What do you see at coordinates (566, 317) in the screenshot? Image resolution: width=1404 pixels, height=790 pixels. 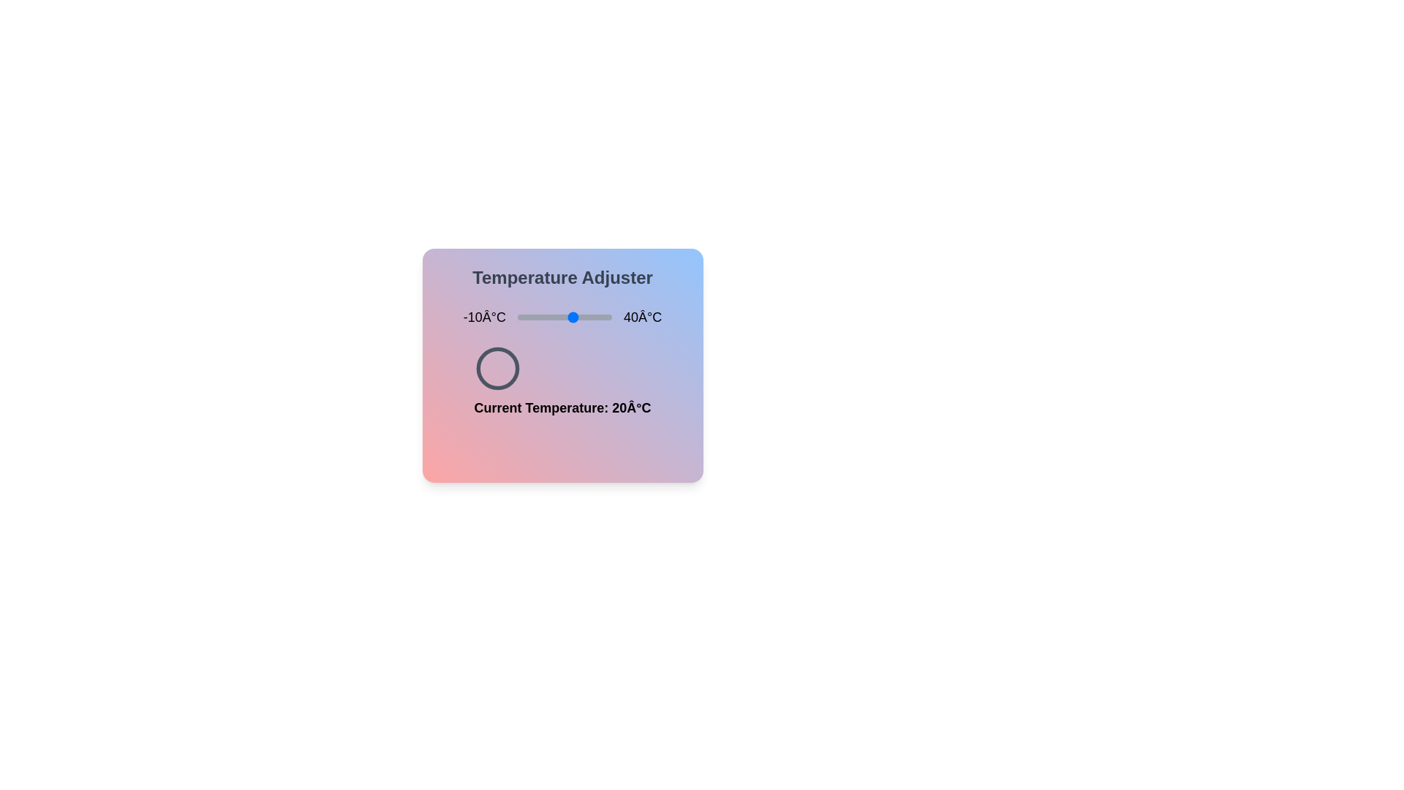 I see `the temperature to 16 degrees Celsius using the slider` at bounding box center [566, 317].